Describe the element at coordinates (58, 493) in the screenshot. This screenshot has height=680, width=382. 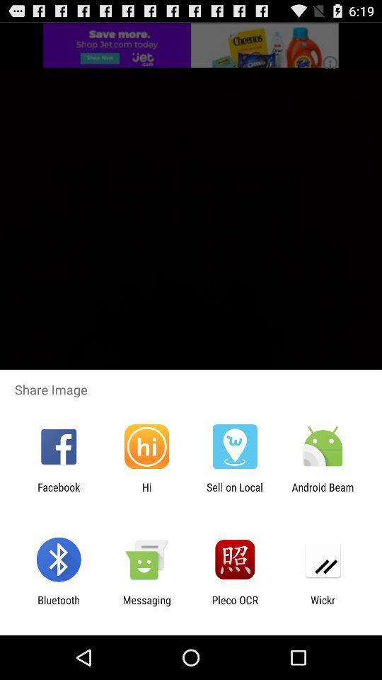
I see `icon to the left of the hi item` at that location.